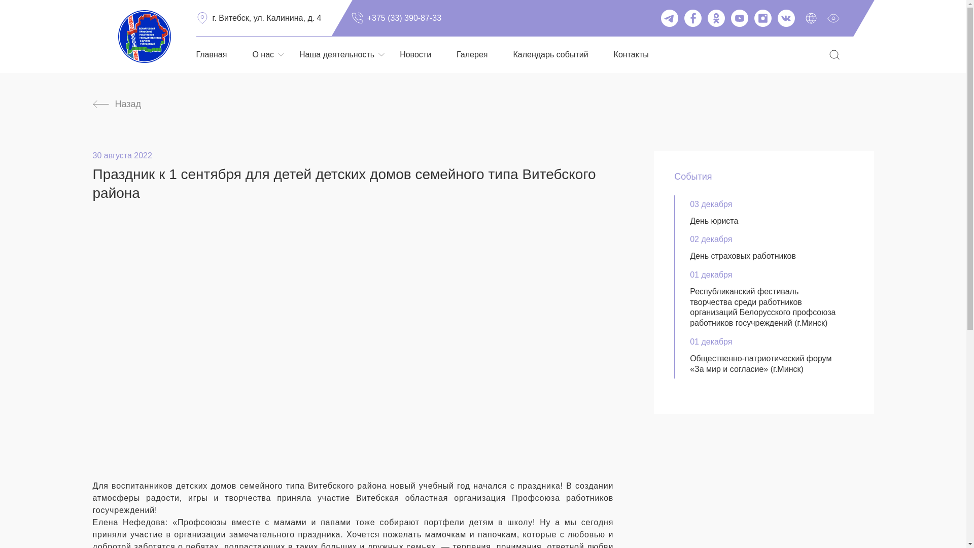 The height and width of the screenshot is (548, 974). Describe the element at coordinates (351, 18) in the screenshot. I see `'+375 (33) 390-87-33'` at that location.